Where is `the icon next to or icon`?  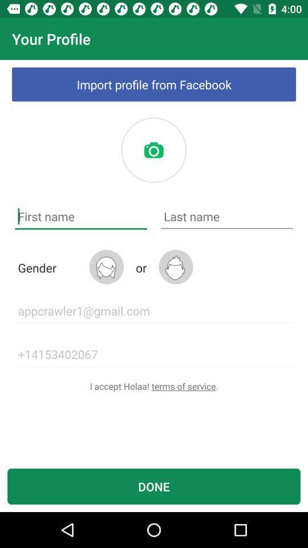 the icon next to or icon is located at coordinates (176, 267).